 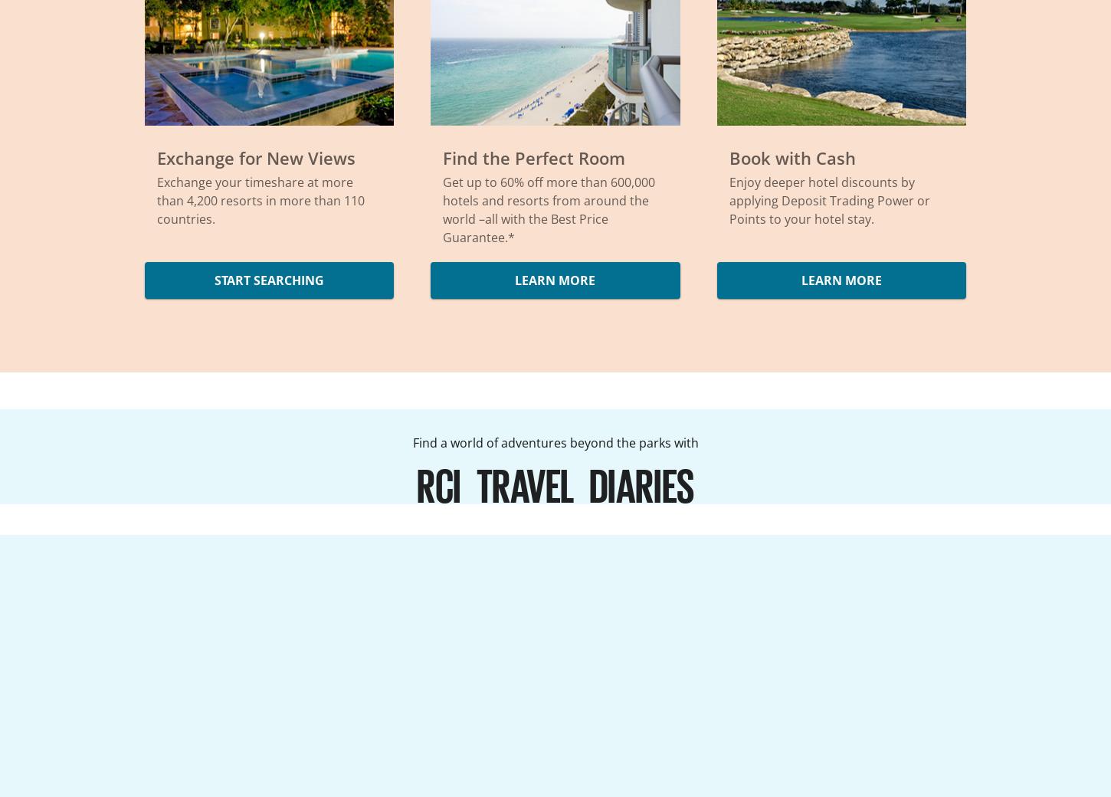 I want to click on 'Book with Cash', so click(x=728, y=158).